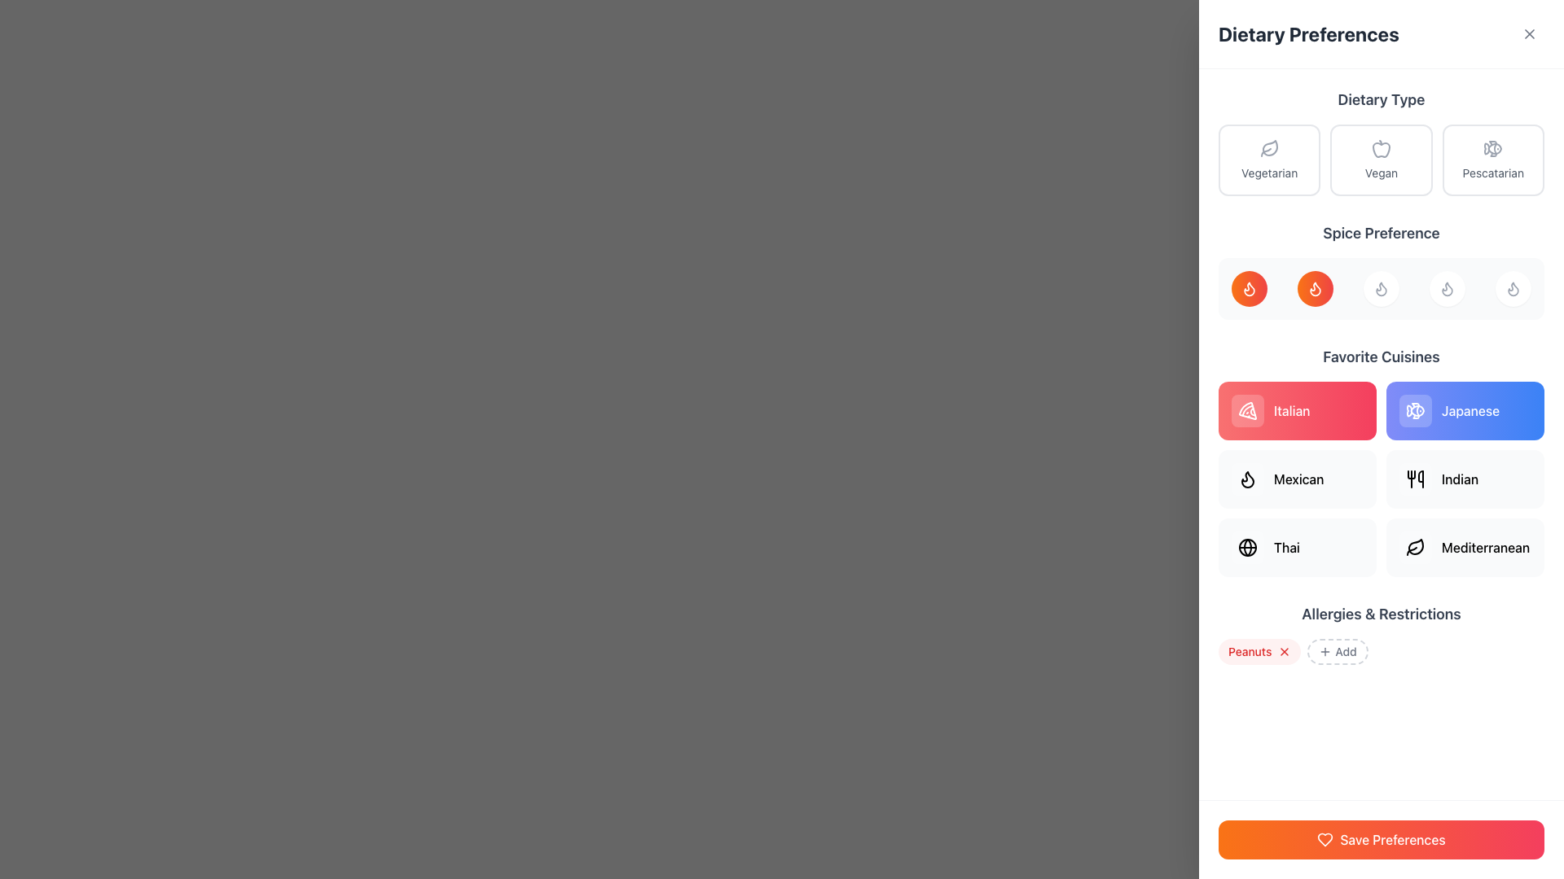 The image size is (1564, 879). What do you see at coordinates (1414, 479) in the screenshot?
I see `the square-shaped icon with rounded corners featuring a fork and spoon graphic in black, located in the 'Favorite Cuisines' section, next to 'Thai' and below 'Japanese'` at bounding box center [1414, 479].